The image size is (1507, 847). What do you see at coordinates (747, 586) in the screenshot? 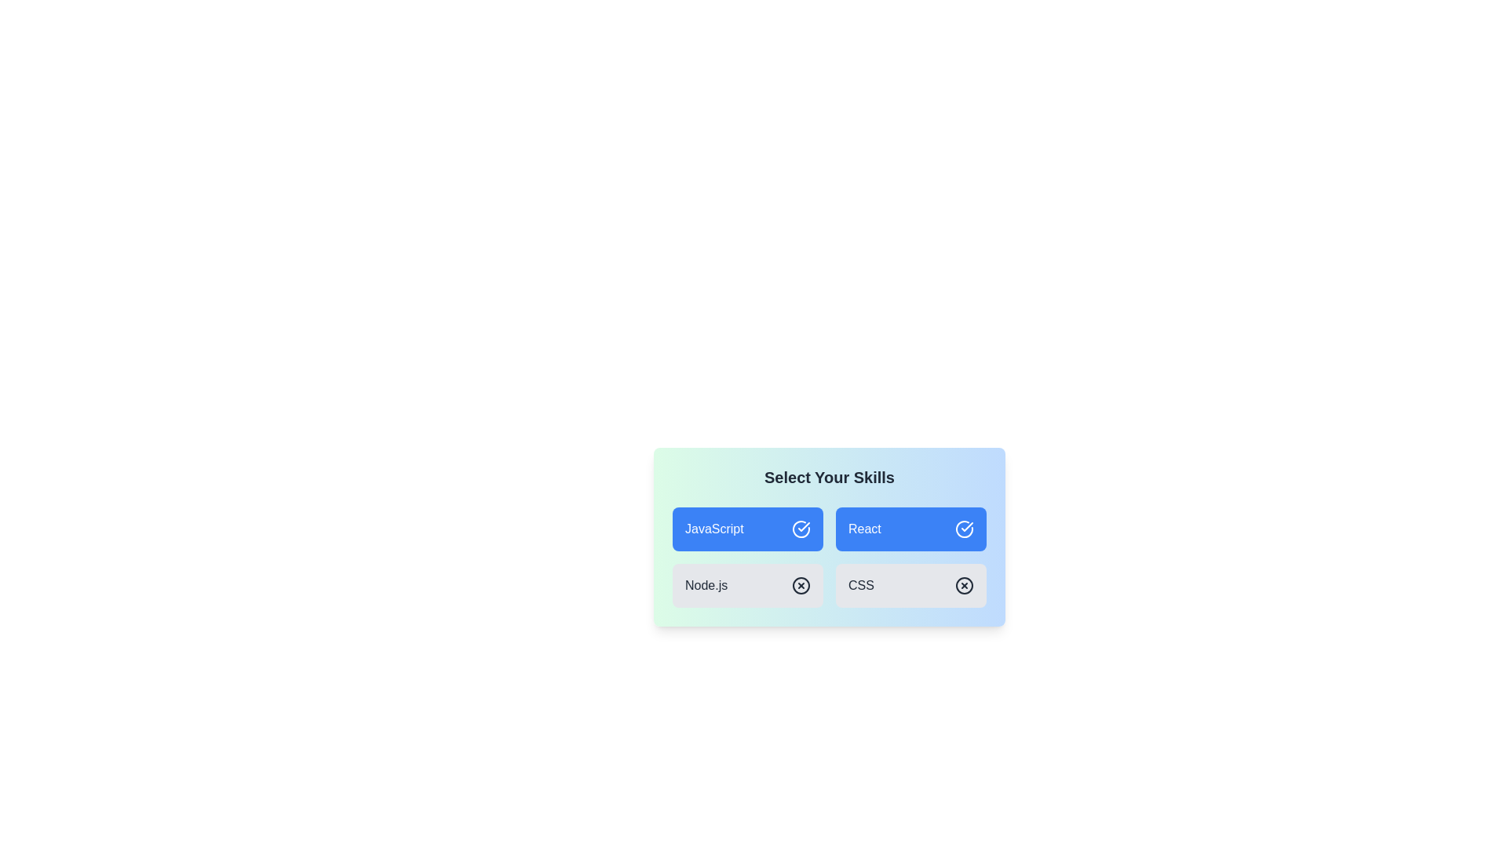
I see `the skill item Node.js by clicking on it` at bounding box center [747, 586].